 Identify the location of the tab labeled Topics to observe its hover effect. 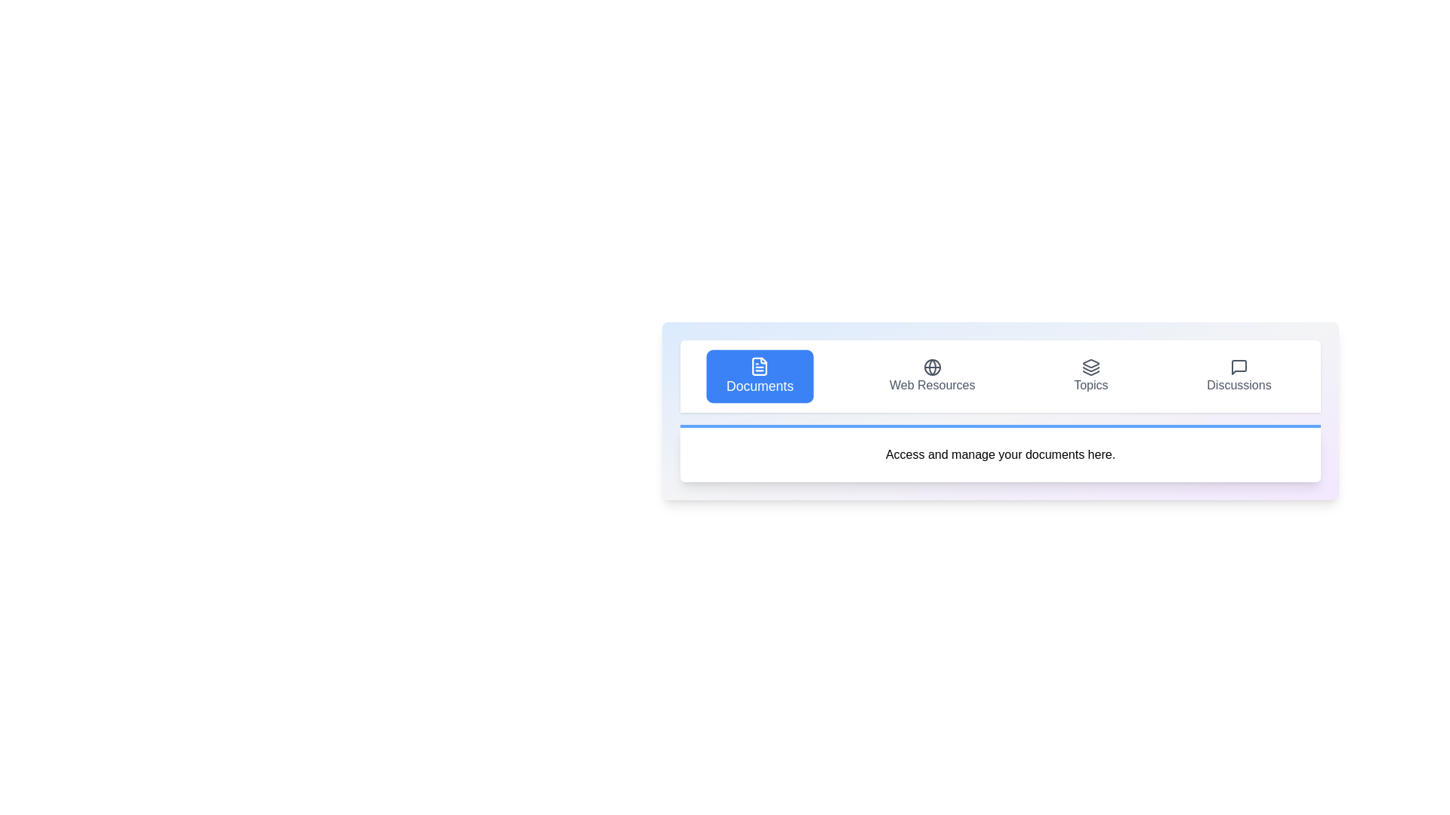
(1091, 375).